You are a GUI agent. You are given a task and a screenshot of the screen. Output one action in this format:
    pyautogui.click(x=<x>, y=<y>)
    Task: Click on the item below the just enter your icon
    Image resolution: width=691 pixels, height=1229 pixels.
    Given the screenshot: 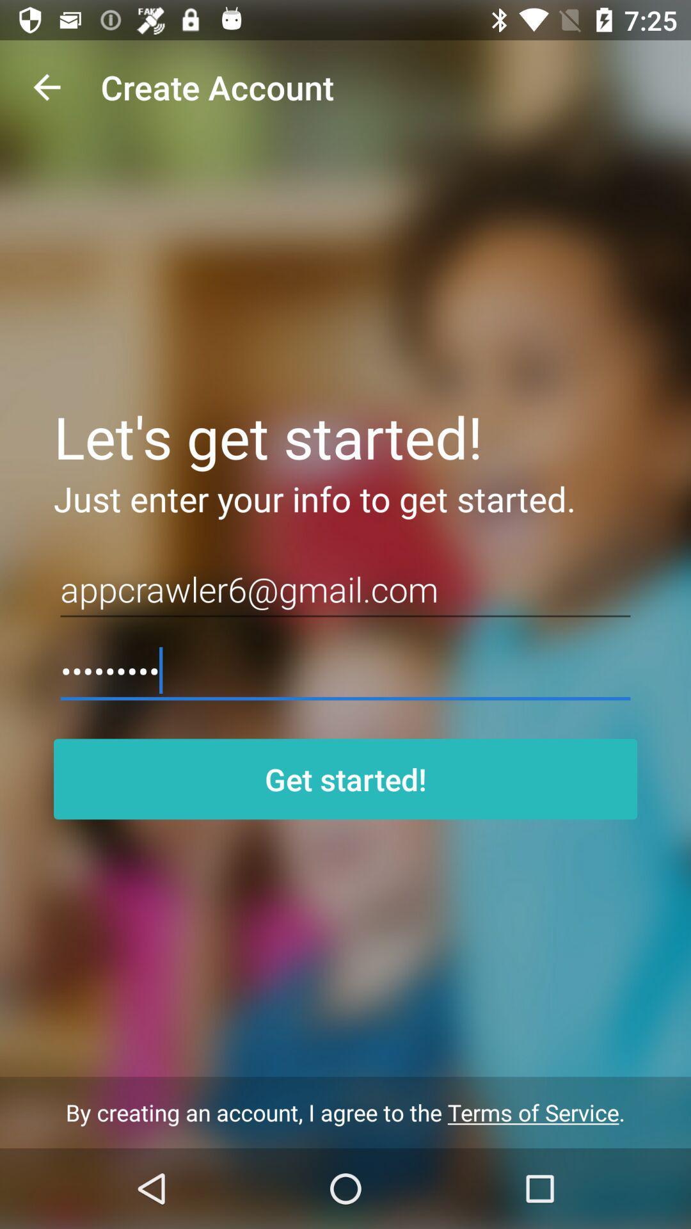 What is the action you would take?
    pyautogui.click(x=345, y=589)
    